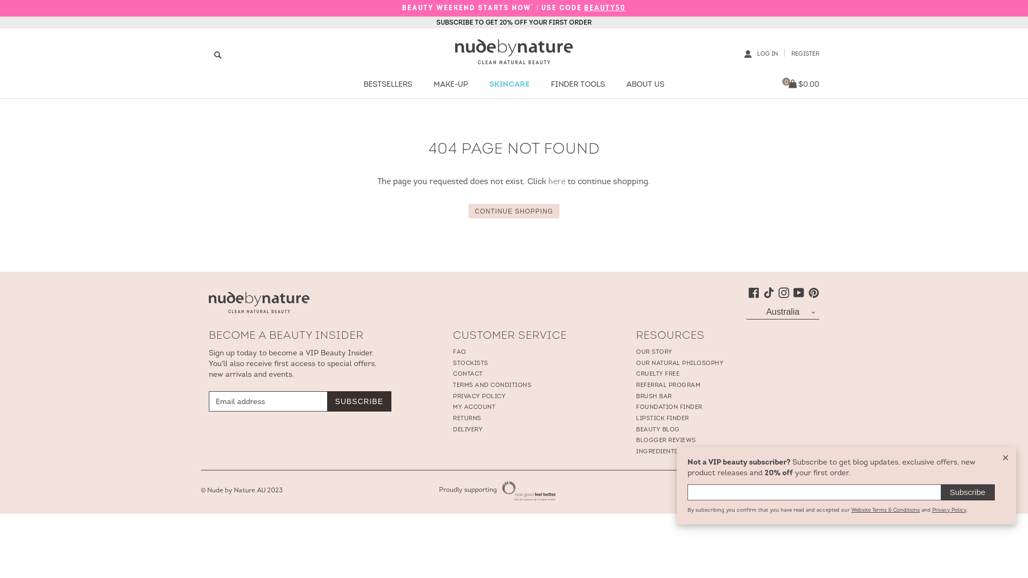 Image resolution: width=1028 pixels, height=578 pixels. Describe the element at coordinates (932, 509) in the screenshot. I see `'Privacy Policy'` at that location.